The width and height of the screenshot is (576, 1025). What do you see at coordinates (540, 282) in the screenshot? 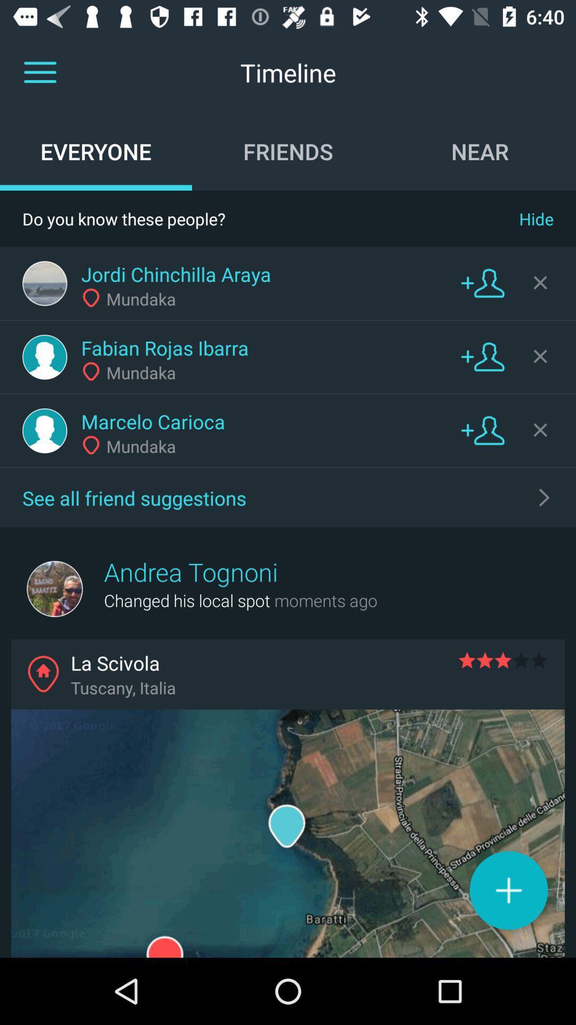
I see `dismiss` at bounding box center [540, 282].